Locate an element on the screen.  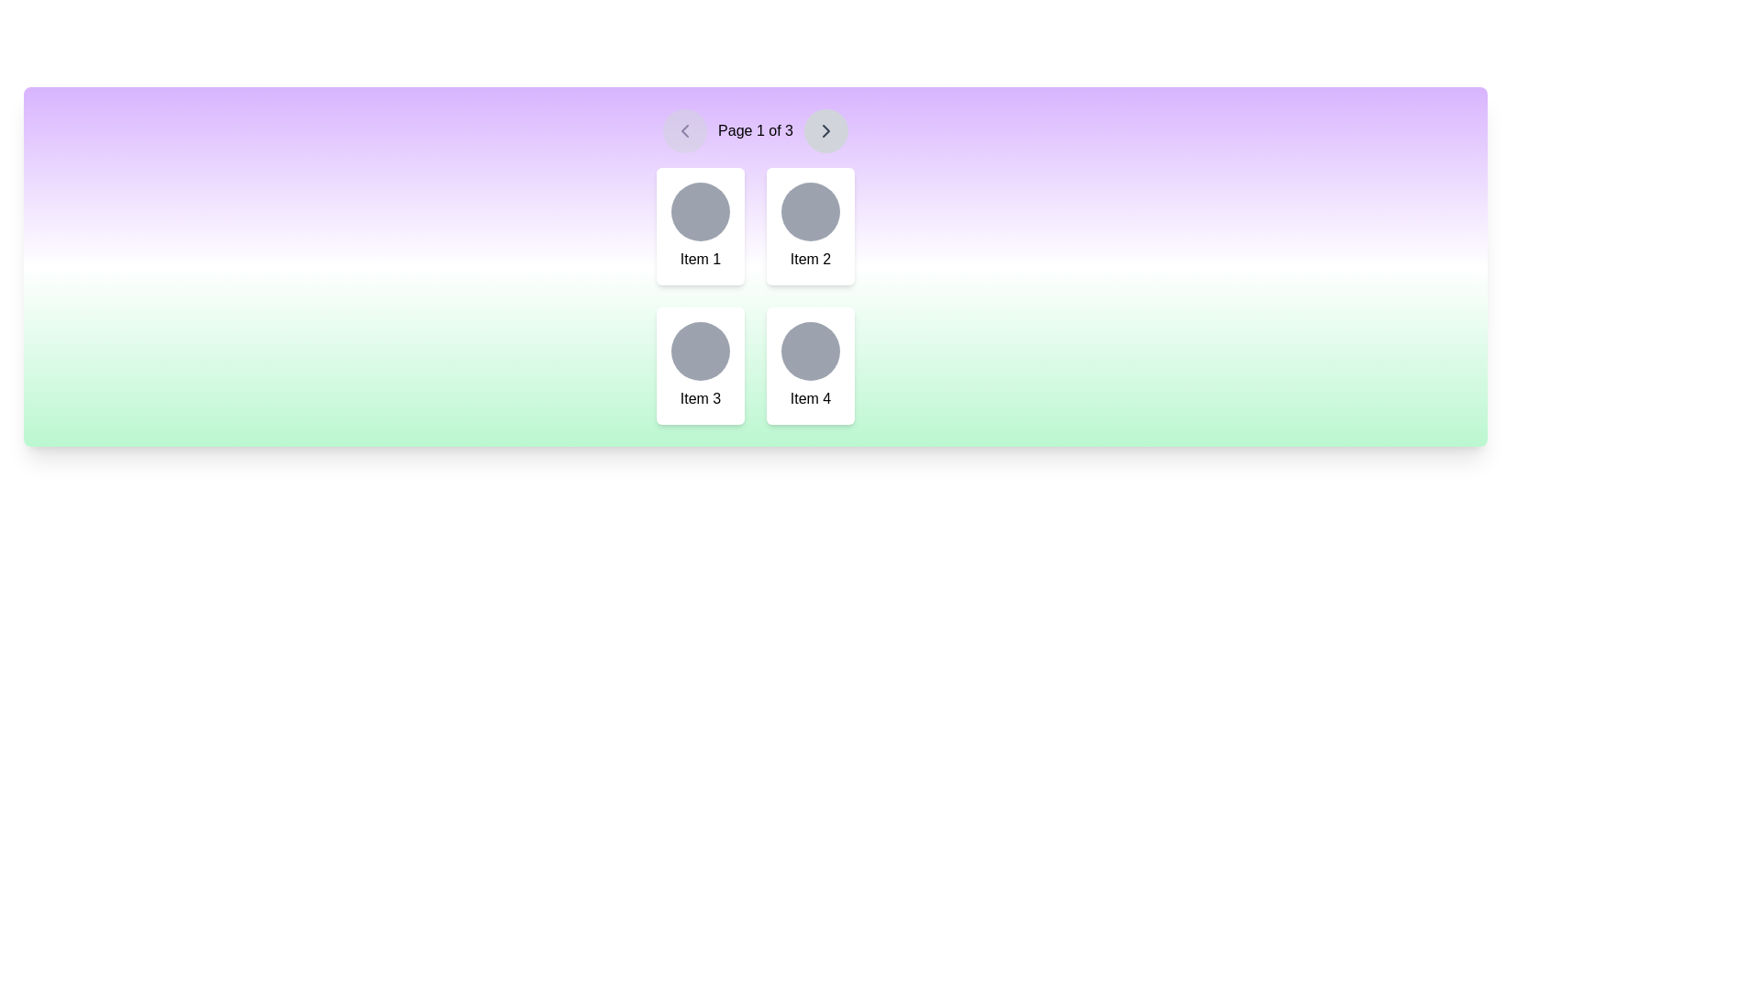
the text label displaying 'Item 1' located at the bottom-center of the top-left card in a grid of four cards is located at coordinates (699, 259).